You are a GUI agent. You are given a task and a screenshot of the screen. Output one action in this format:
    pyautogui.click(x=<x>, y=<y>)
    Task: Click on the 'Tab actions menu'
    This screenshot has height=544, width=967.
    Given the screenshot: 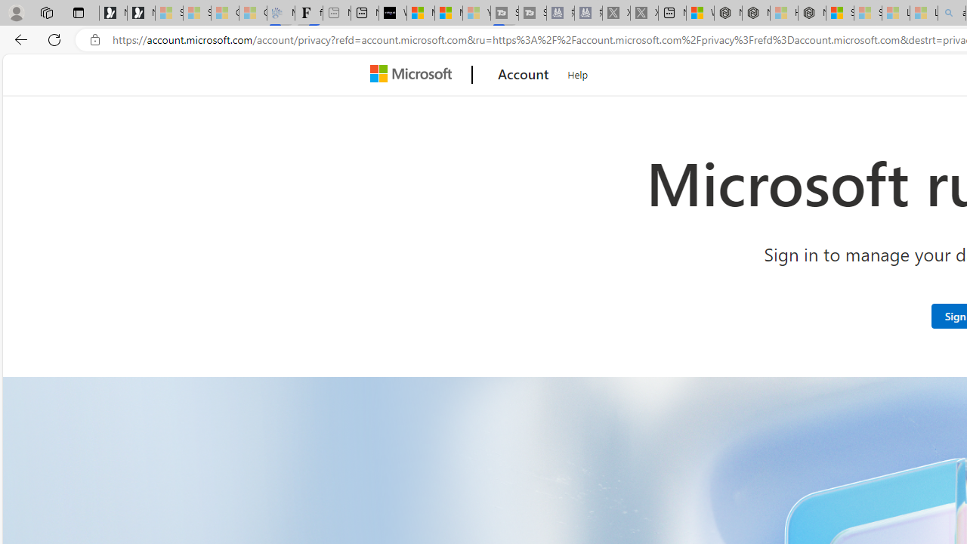 What is the action you would take?
    pyautogui.click(x=78, y=12)
    